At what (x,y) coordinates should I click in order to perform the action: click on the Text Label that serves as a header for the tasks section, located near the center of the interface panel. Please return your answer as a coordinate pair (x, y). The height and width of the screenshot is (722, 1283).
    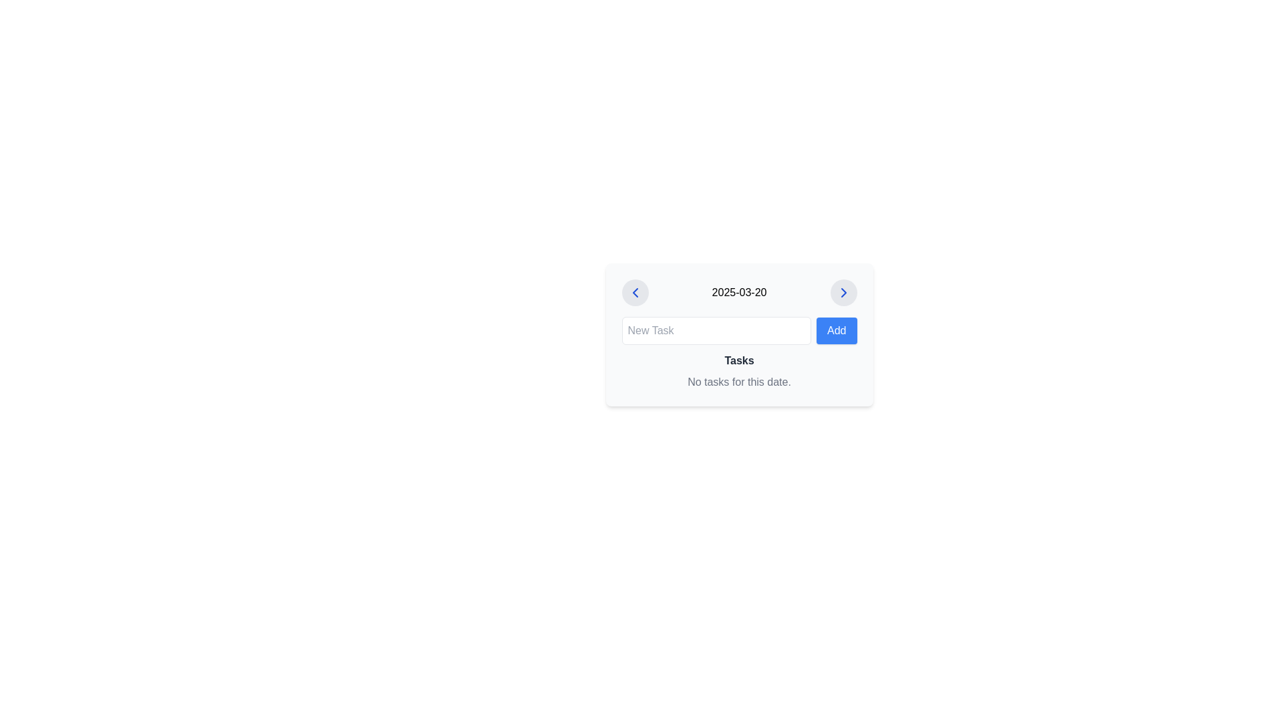
    Looking at the image, I should click on (738, 361).